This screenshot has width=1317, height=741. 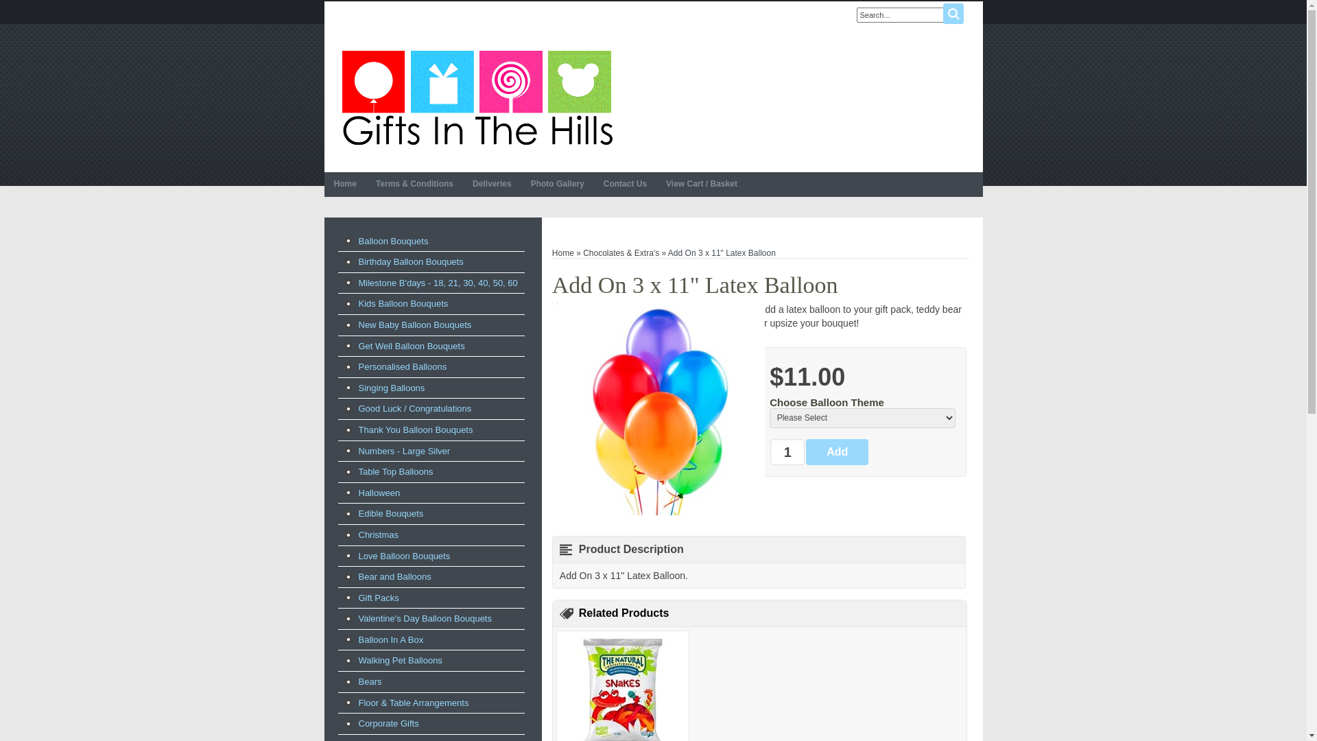 I want to click on 'Get Well Balloon Bouquets', so click(x=430, y=346).